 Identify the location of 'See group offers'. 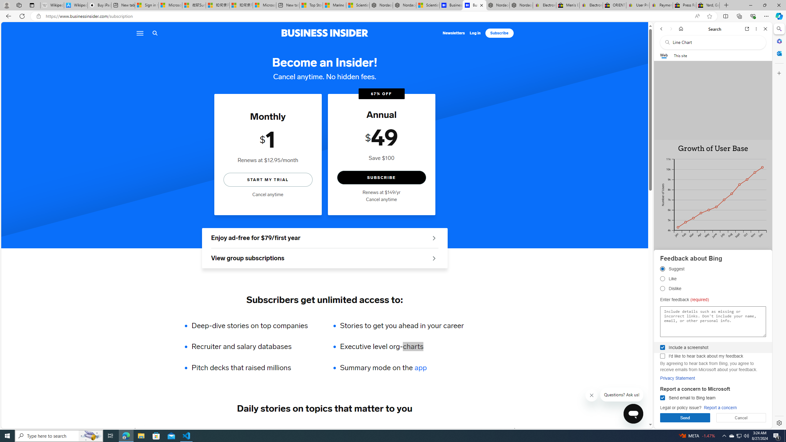
(434, 258).